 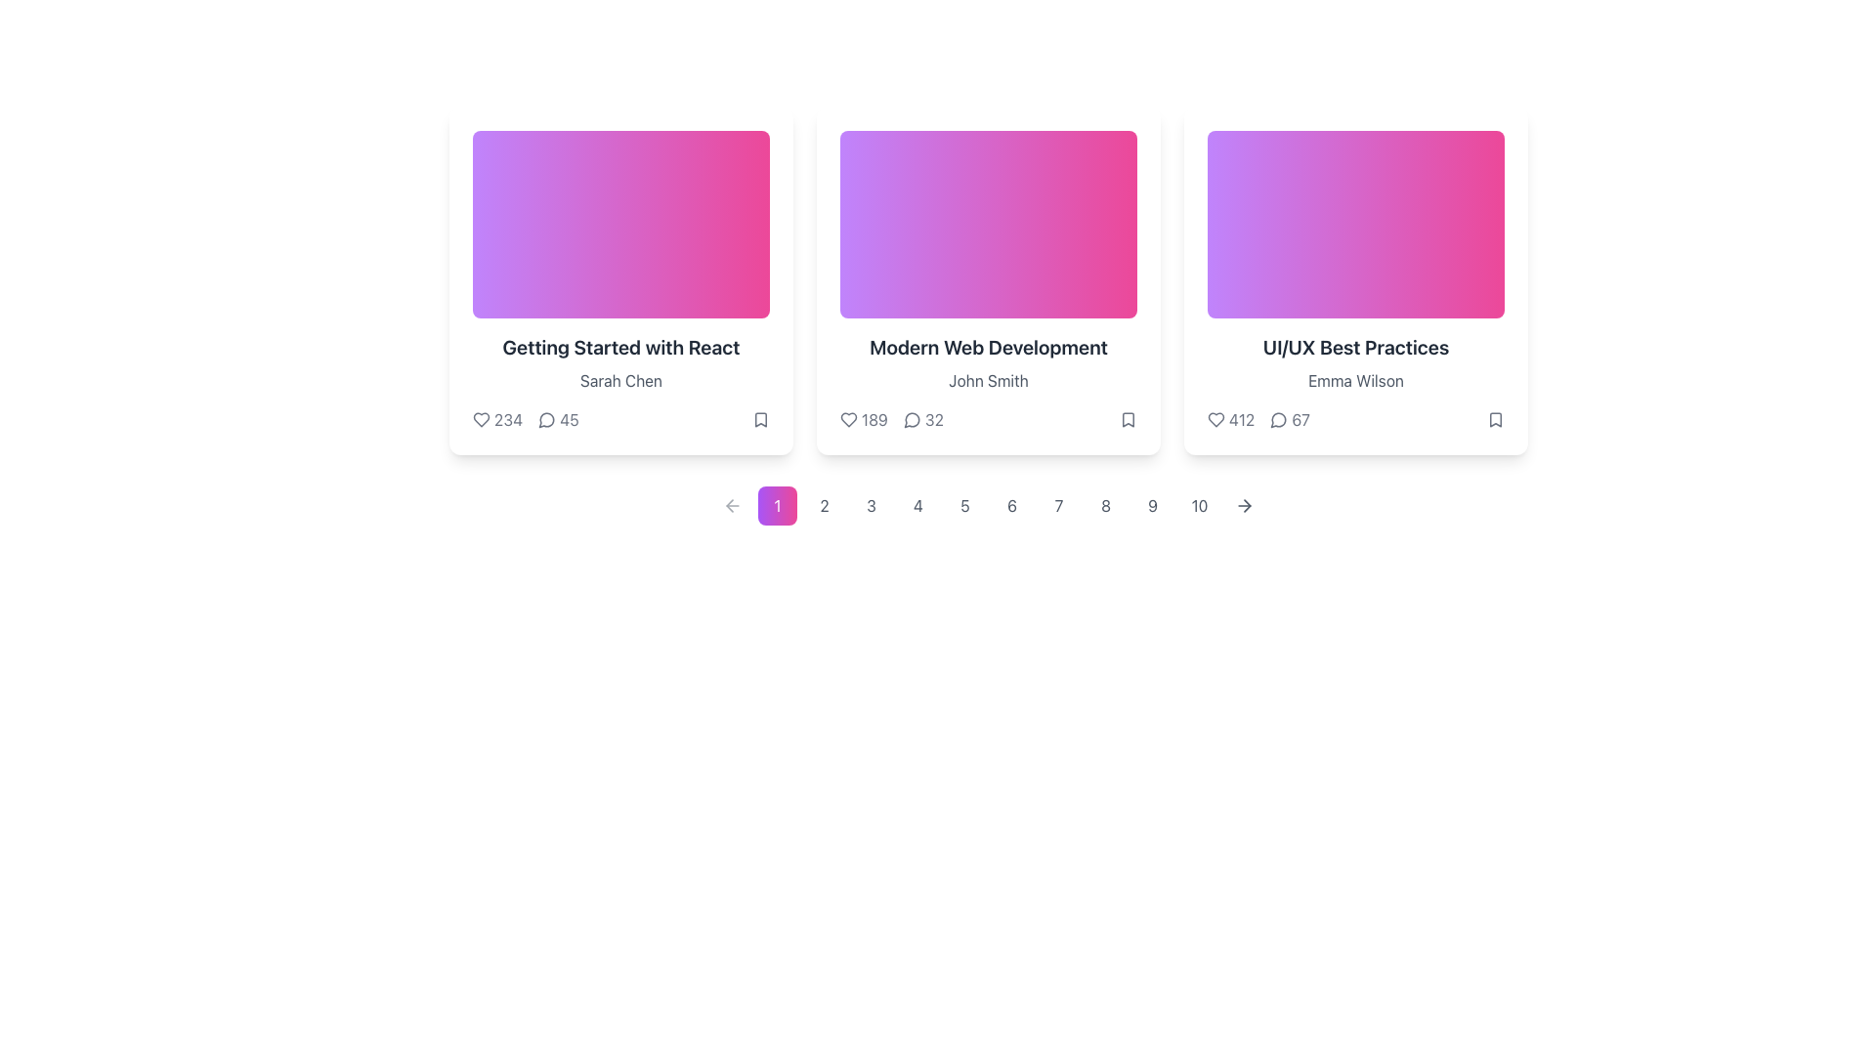 What do you see at coordinates (825, 504) in the screenshot?
I see `the square button with a rounded border containing the number '2', which is part of the pagination control at the bottom-center of the page` at bounding box center [825, 504].